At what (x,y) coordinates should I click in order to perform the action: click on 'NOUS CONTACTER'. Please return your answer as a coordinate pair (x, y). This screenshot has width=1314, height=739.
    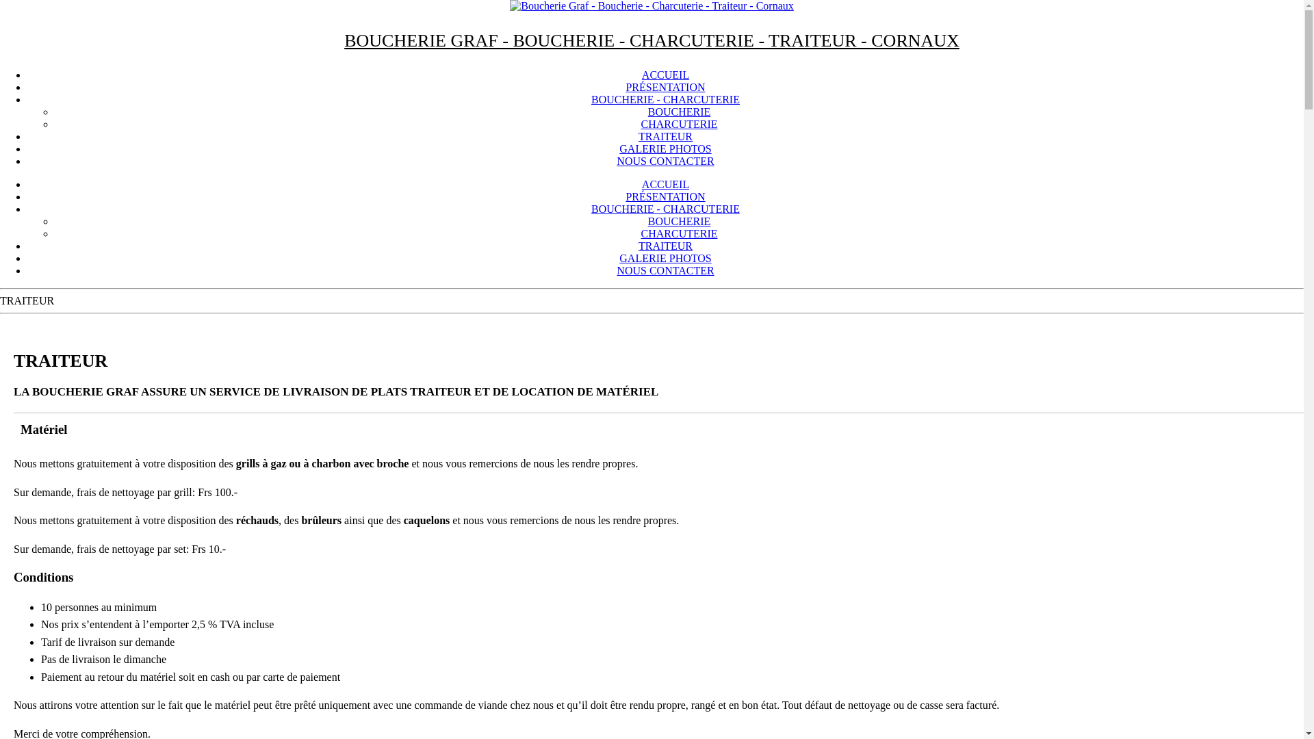
    Looking at the image, I should click on (665, 160).